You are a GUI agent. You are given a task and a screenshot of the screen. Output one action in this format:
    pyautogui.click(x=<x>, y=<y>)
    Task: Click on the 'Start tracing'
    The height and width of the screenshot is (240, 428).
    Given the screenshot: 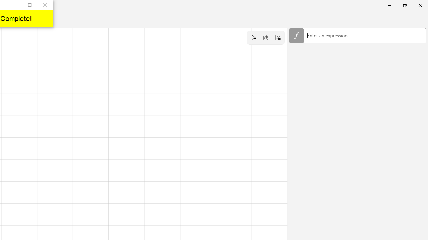 What is the action you would take?
    pyautogui.click(x=253, y=38)
    